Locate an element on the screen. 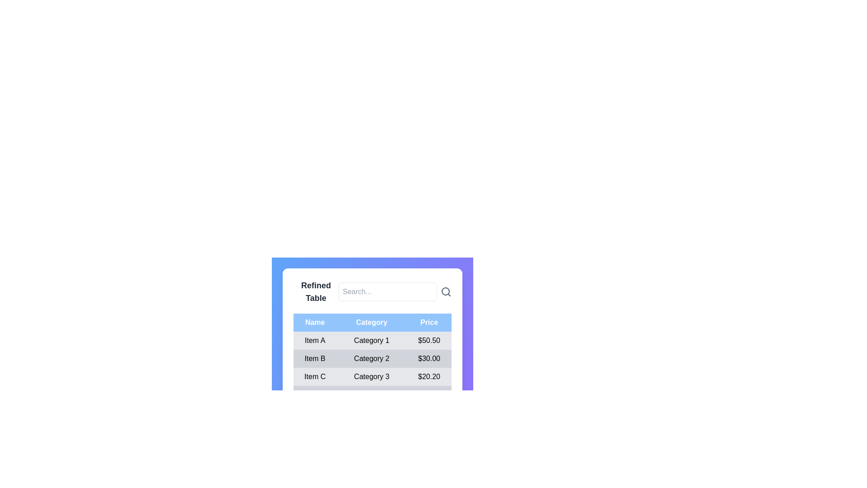 Image resolution: width=867 pixels, height=488 pixels. the price label in the third row of the table under the 'Price' column, which displays the price value for 'Item C' in the 'Name' column is located at coordinates (429, 376).